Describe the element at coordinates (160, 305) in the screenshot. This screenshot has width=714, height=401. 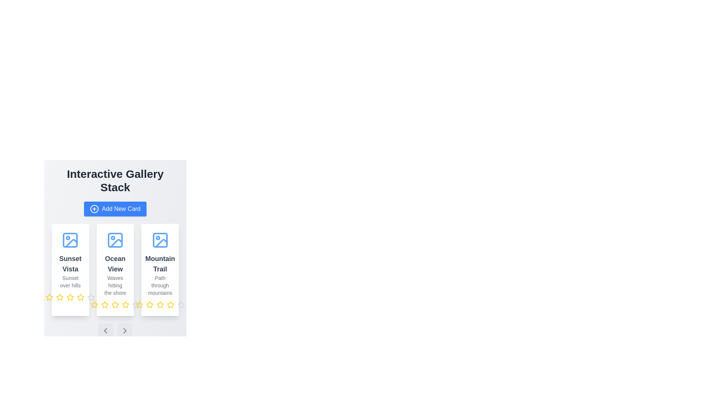
I see `the fifth star icon with a yellow outline in the rating system beneath the 'Mountain Trail' card` at that location.